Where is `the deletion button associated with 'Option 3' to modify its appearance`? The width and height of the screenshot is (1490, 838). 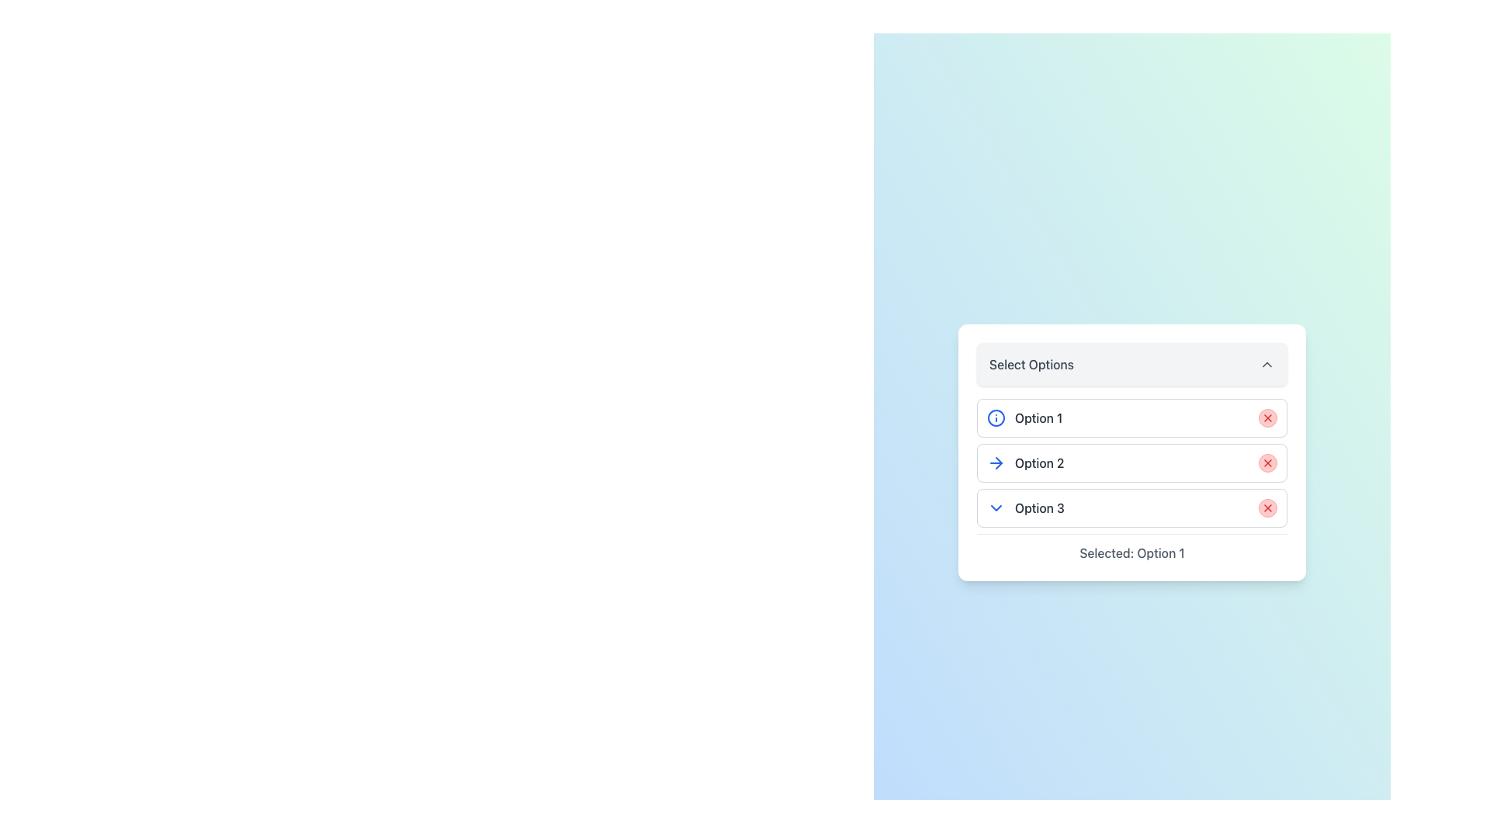 the deletion button associated with 'Option 3' to modify its appearance is located at coordinates (1267, 507).